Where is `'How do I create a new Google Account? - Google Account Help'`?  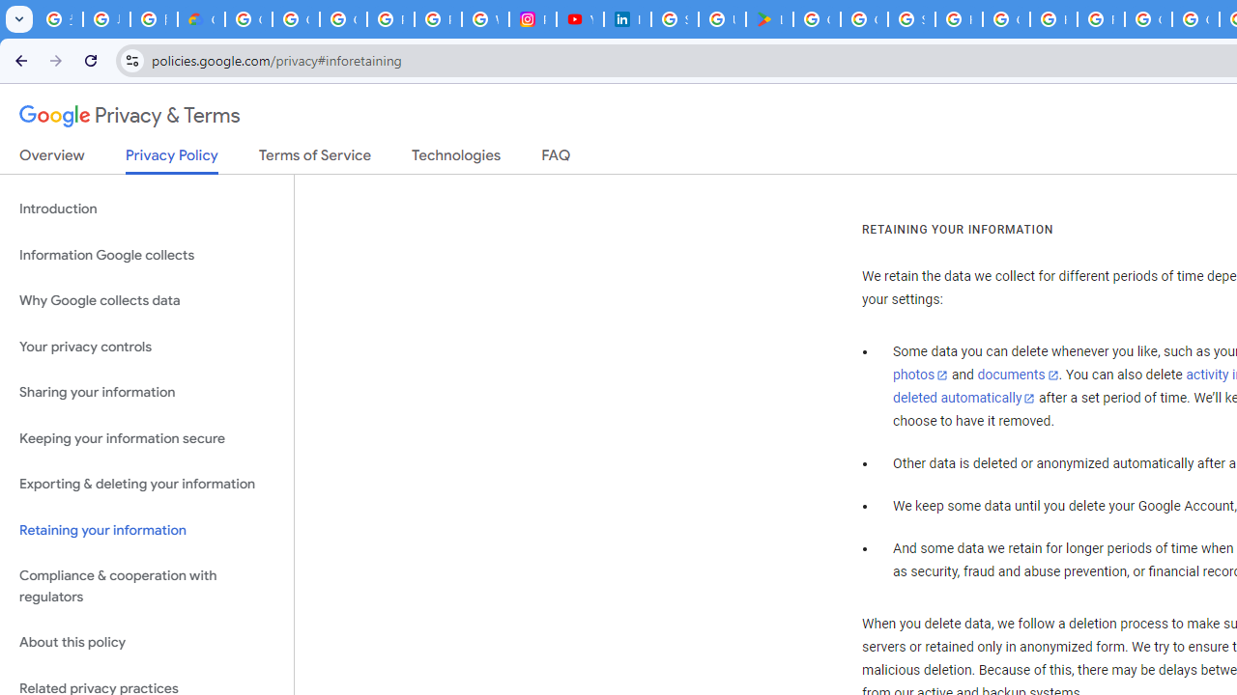 'How do I create a new Google Account? - Google Account Help' is located at coordinates (1052, 19).